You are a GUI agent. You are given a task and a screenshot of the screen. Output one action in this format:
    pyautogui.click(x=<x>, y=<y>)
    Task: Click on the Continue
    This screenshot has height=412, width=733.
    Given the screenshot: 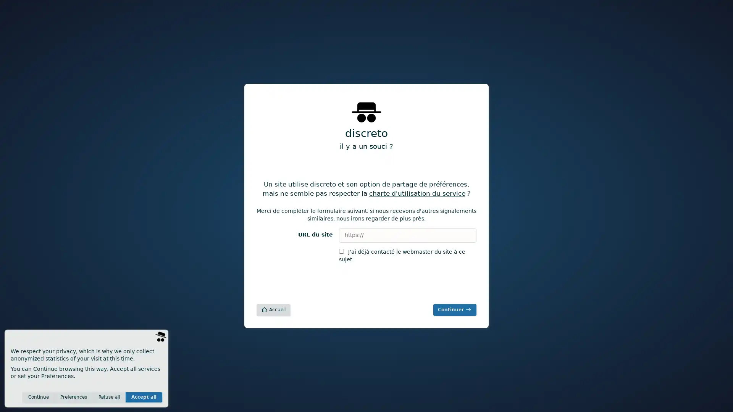 What is the action you would take?
    pyautogui.click(x=38, y=397)
    